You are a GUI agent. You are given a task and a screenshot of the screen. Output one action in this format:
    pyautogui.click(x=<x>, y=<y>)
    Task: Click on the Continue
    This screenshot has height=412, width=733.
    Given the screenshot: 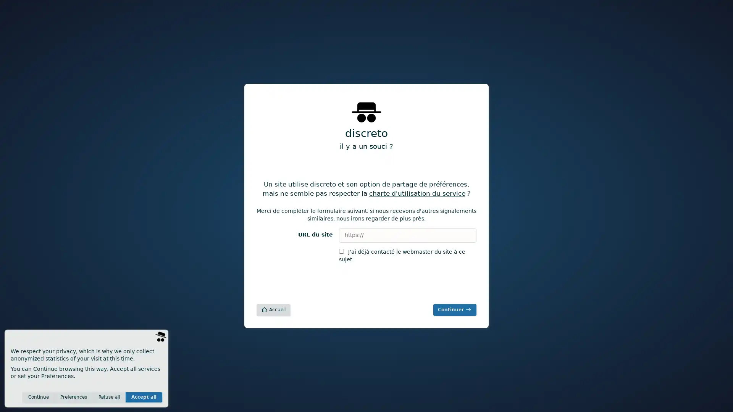 What is the action you would take?
    pyautogui.click(x=38, y=397)
    